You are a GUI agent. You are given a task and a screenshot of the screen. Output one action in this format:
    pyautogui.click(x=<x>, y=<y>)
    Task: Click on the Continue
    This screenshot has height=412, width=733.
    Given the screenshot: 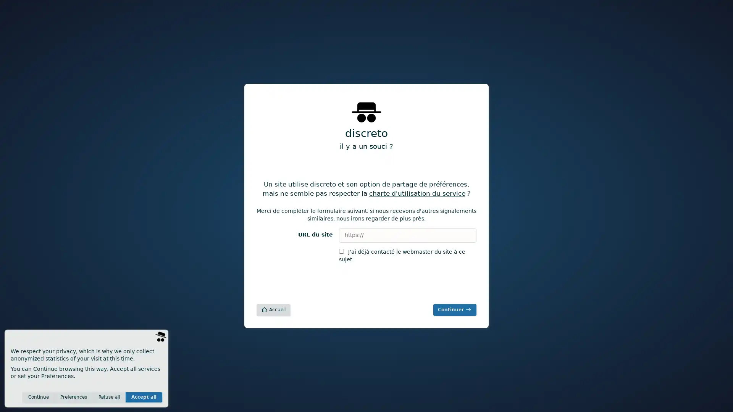 What is the action you would take?
    pyautogui.click(x=38, y=397)
    